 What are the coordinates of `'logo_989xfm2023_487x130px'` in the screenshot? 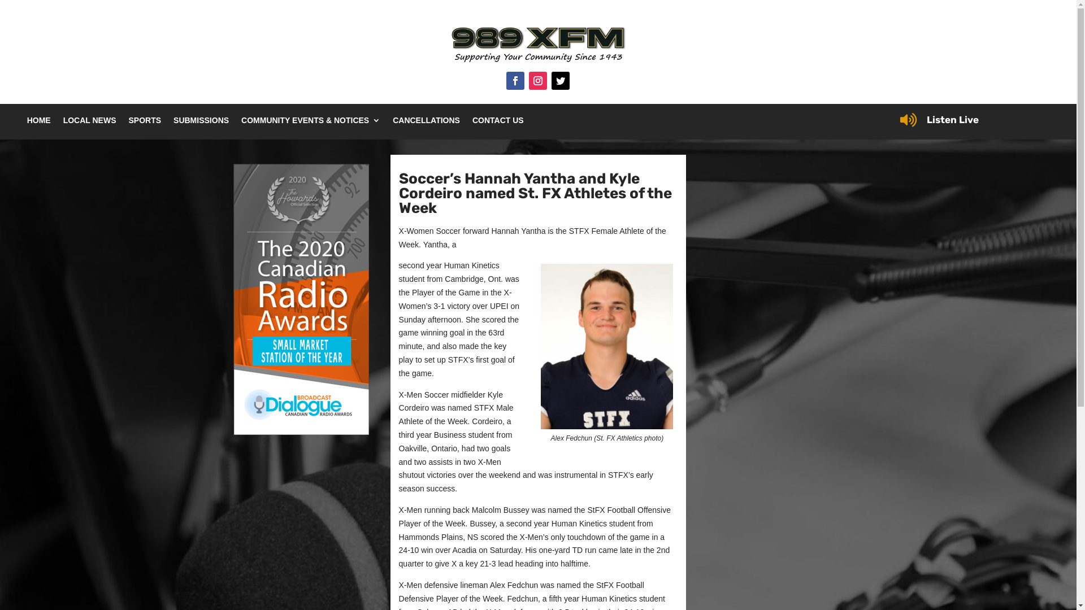 It's located at (537, 45).